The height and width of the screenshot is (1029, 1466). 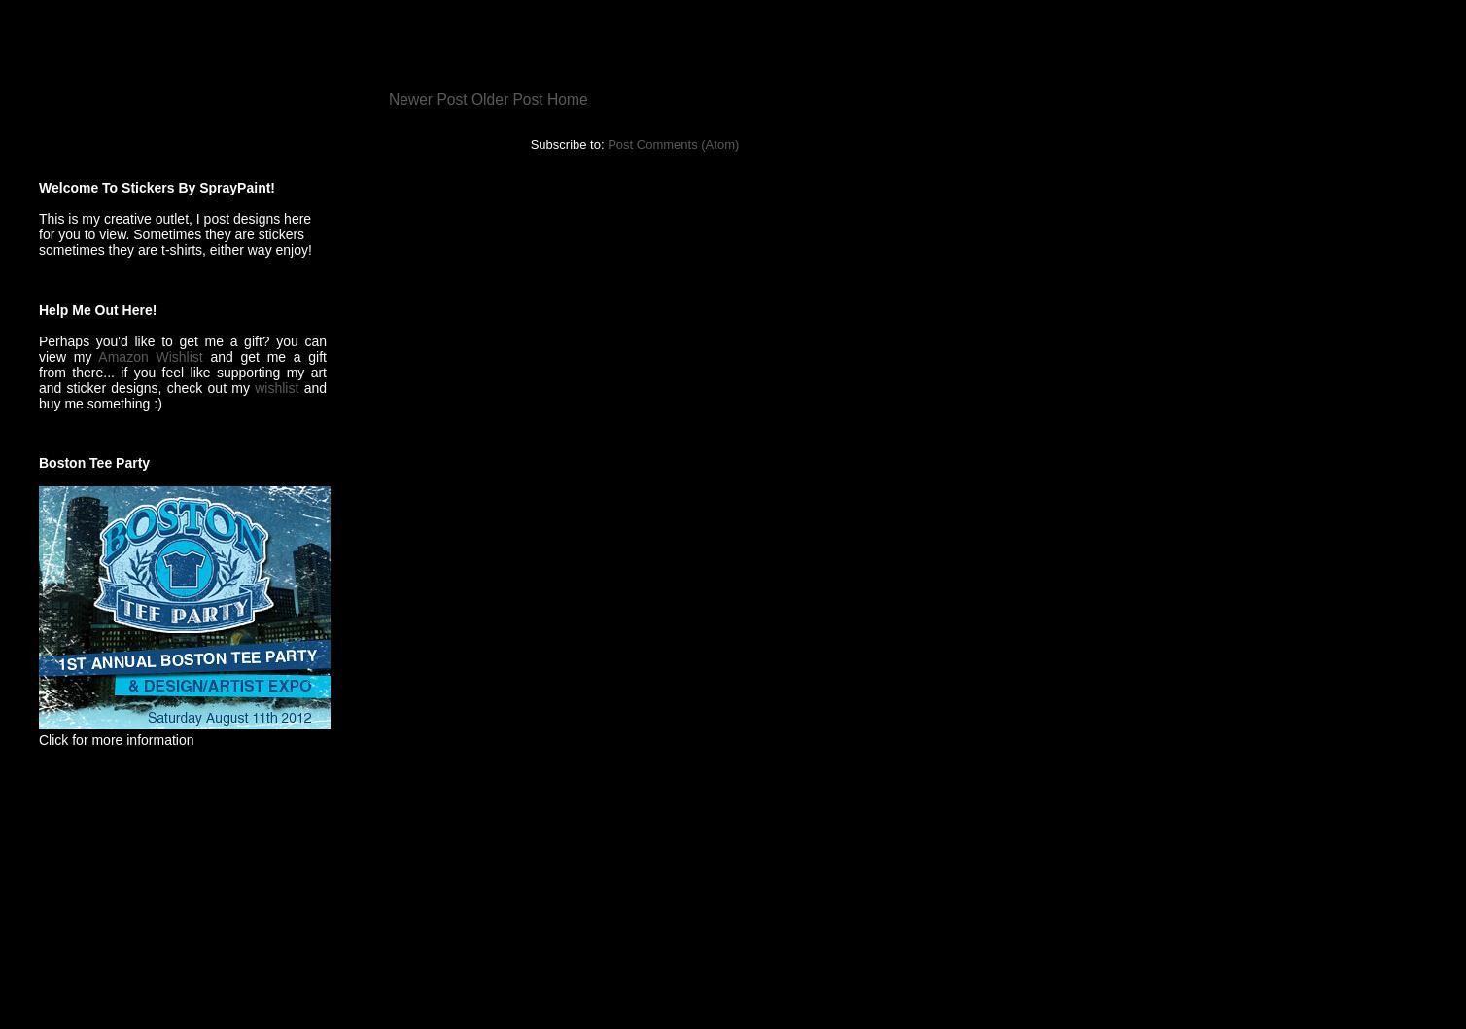 What do you see at coordinates (253, 387) in the screenshot?
I see `'wishlist'` at bounding box center [253, 387].